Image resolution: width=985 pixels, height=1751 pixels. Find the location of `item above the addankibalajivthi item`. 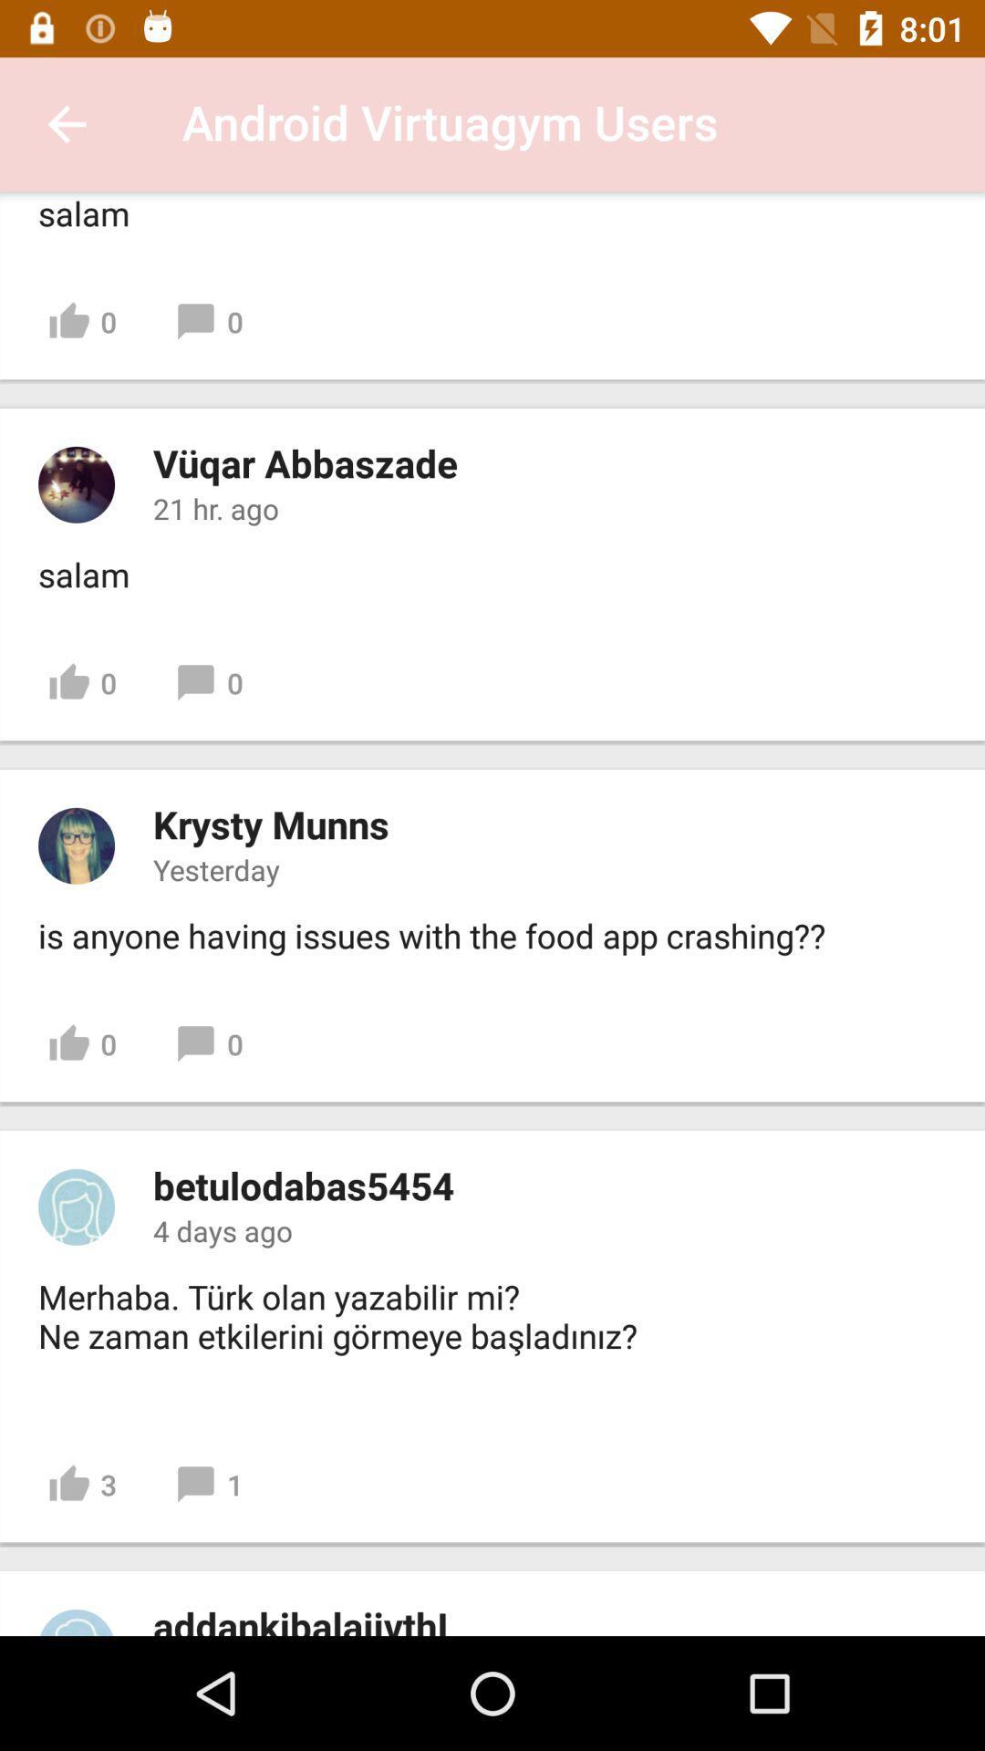

item above the addankibalajivthi item is located at coordinates (82, 1485).